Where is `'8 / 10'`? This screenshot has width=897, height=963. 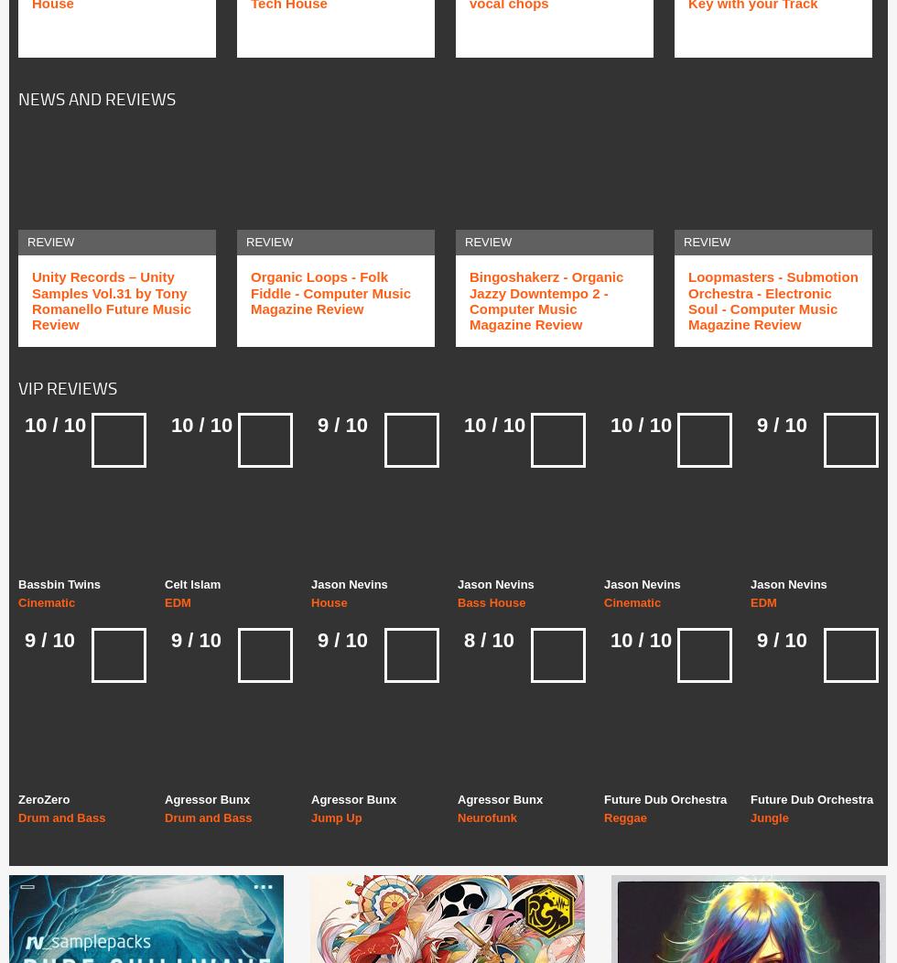 '8 / 10' is located at coordinates (489, 639).